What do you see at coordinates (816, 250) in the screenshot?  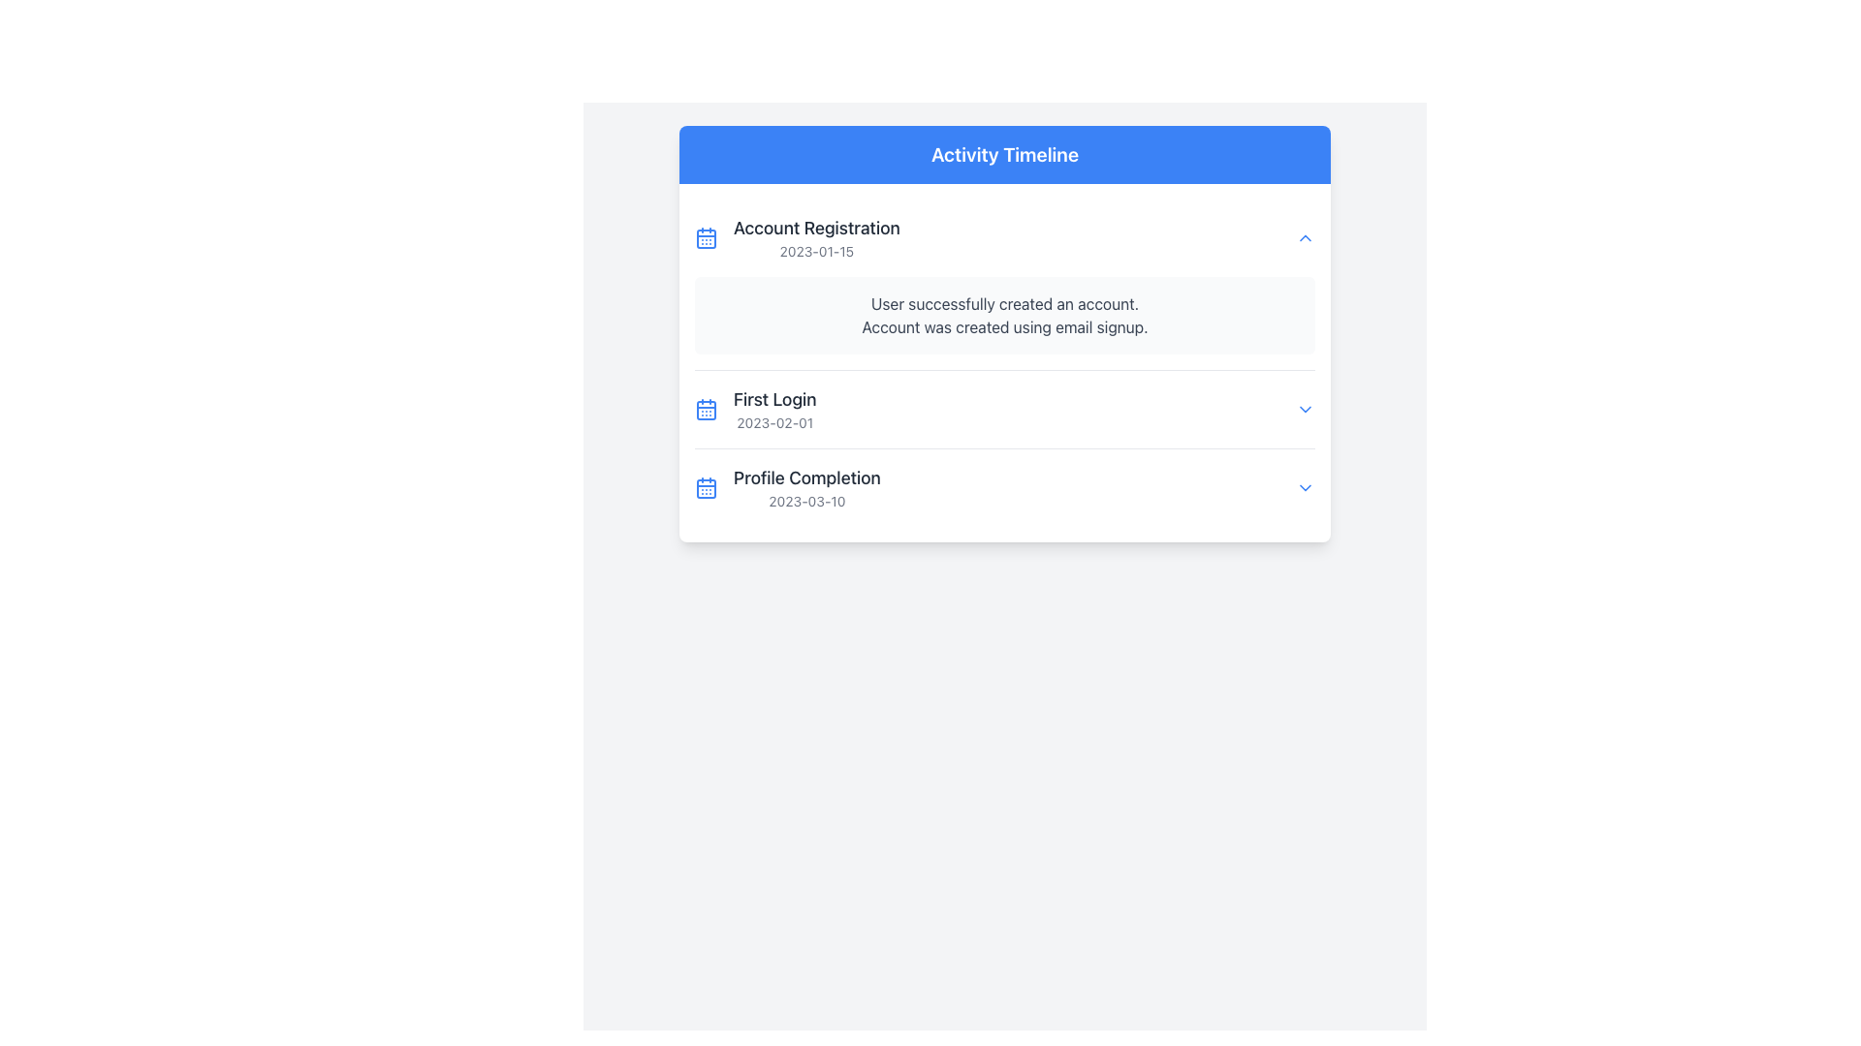 I see `informational text displaying the date associated with the 'Account Registration' milestone, located directly below the 'Account Registration' text in the timeline` at bounding box center [816, 250].